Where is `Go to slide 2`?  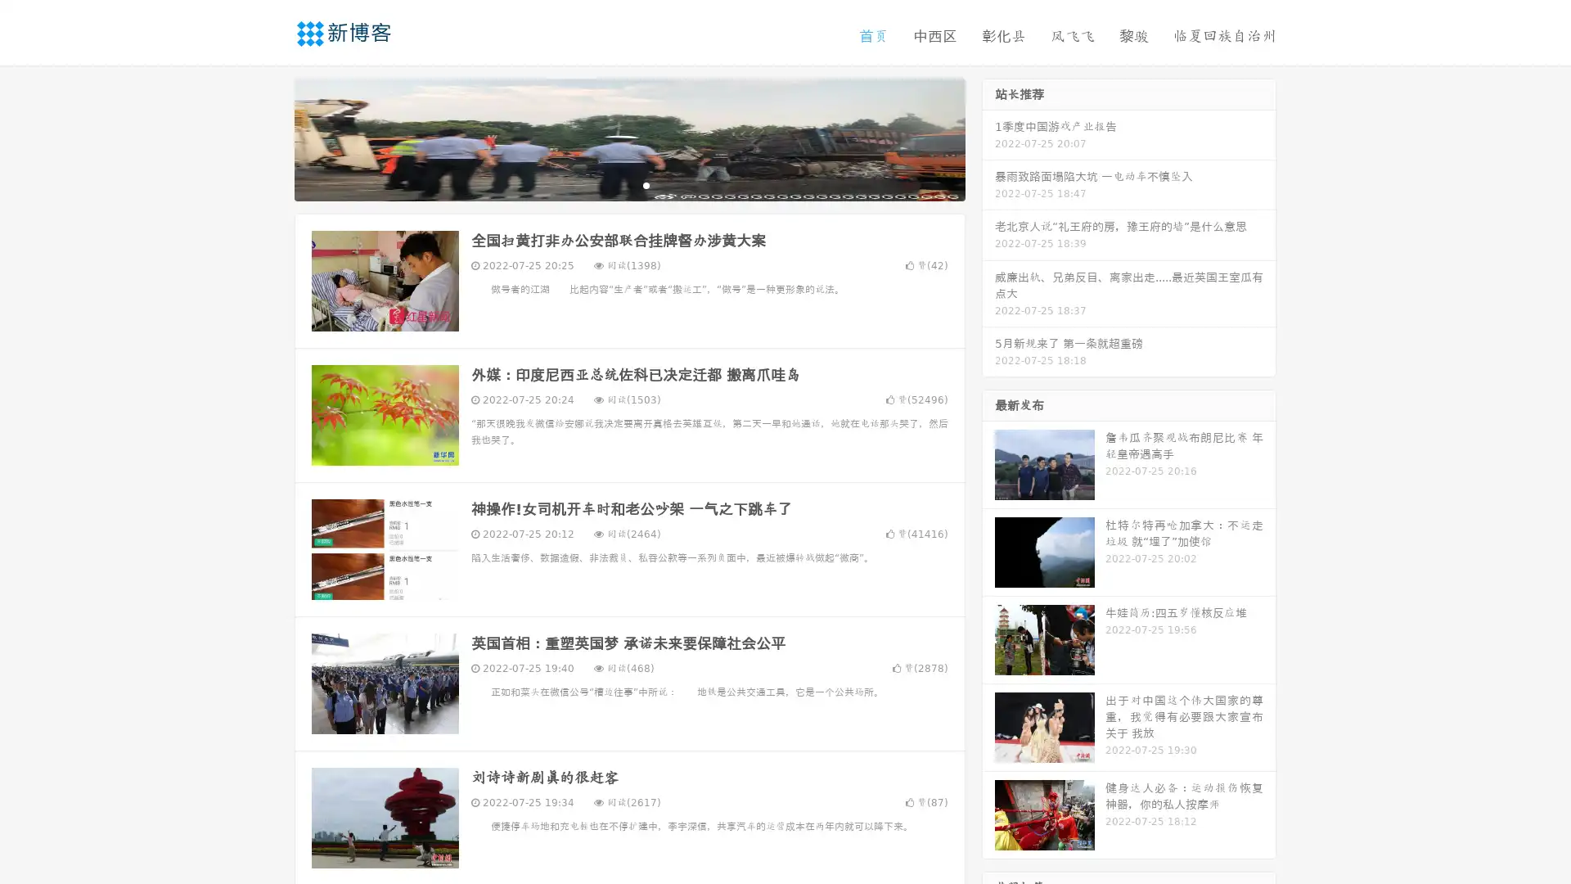 Go to slide 2 is located at coordinates (628, 184).